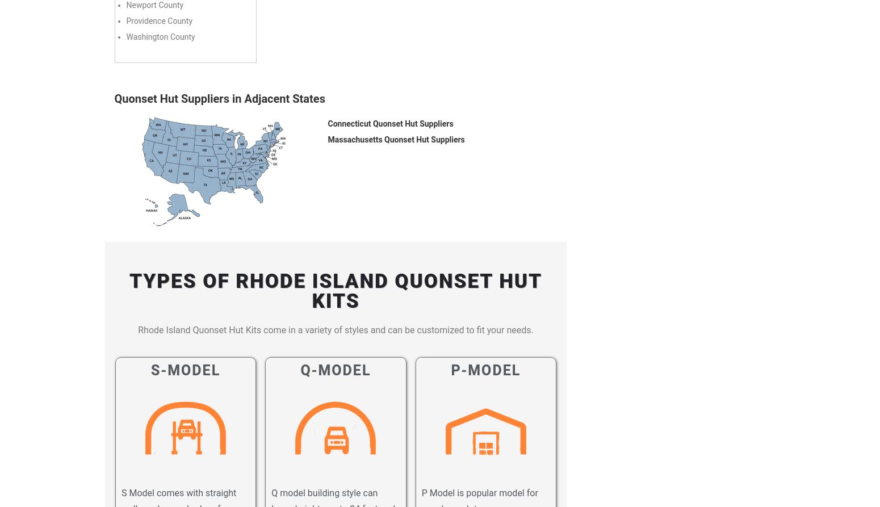 Image resolution: width=880 pixels, height=507 pixels. I want to click on 'Newport County', so click(154, 5).